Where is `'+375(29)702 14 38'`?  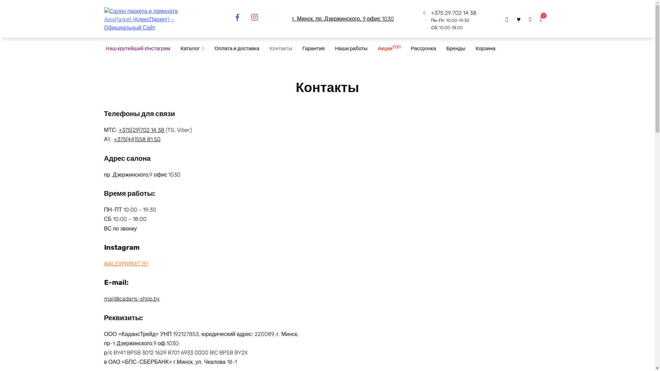 '+375(29)702 14 38' is located at coordinates (119, 130).